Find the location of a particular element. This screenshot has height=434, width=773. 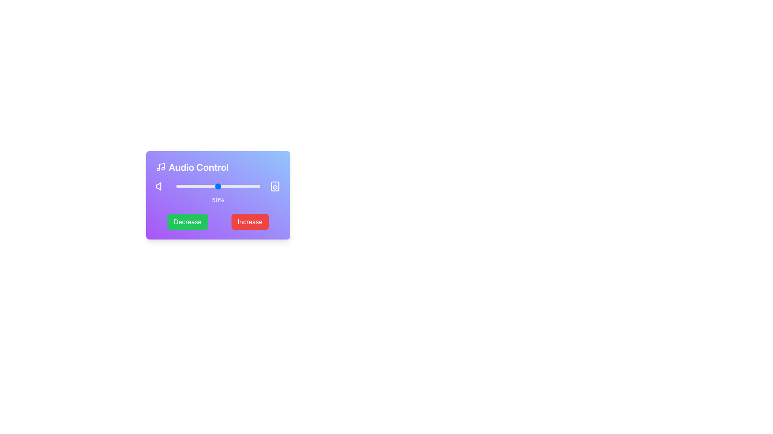

the slider is located at coordinates (221, 186).